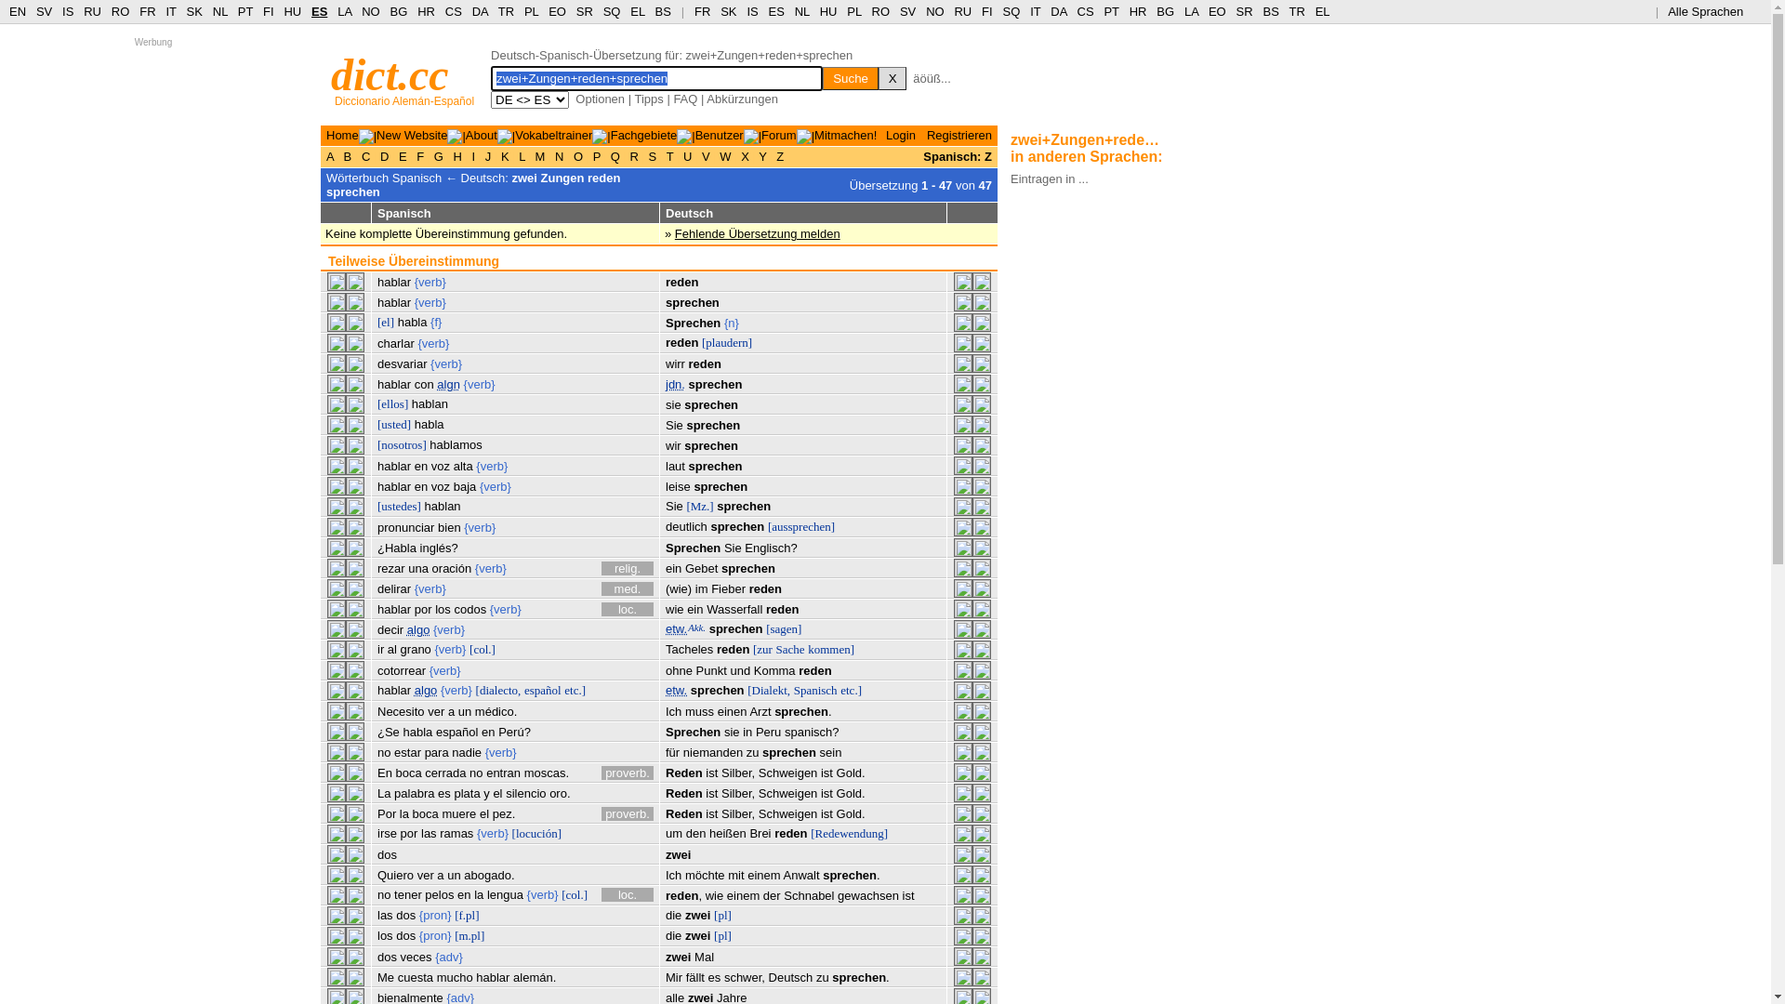 The height and width of the screenshot is (1004, 1785). I want to click on 'Ich', so click(672, 711).